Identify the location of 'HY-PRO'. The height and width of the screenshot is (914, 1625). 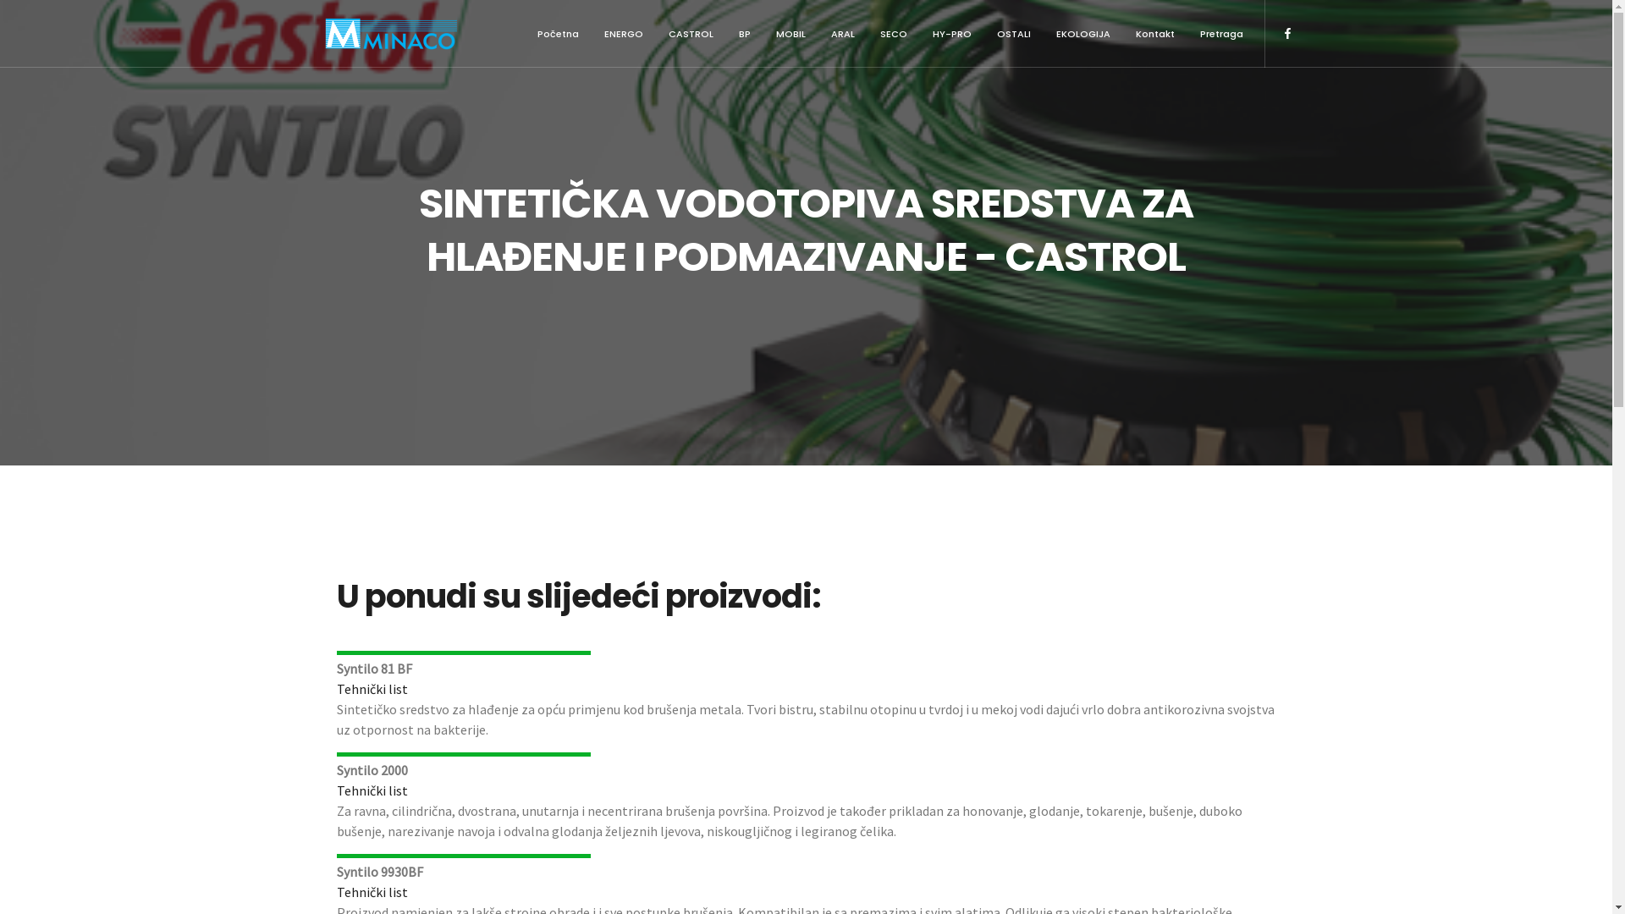
(950, 33).